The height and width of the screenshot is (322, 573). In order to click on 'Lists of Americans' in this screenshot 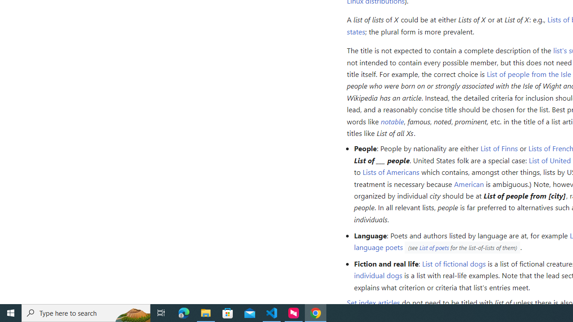, I will do `click(391, 172)`.